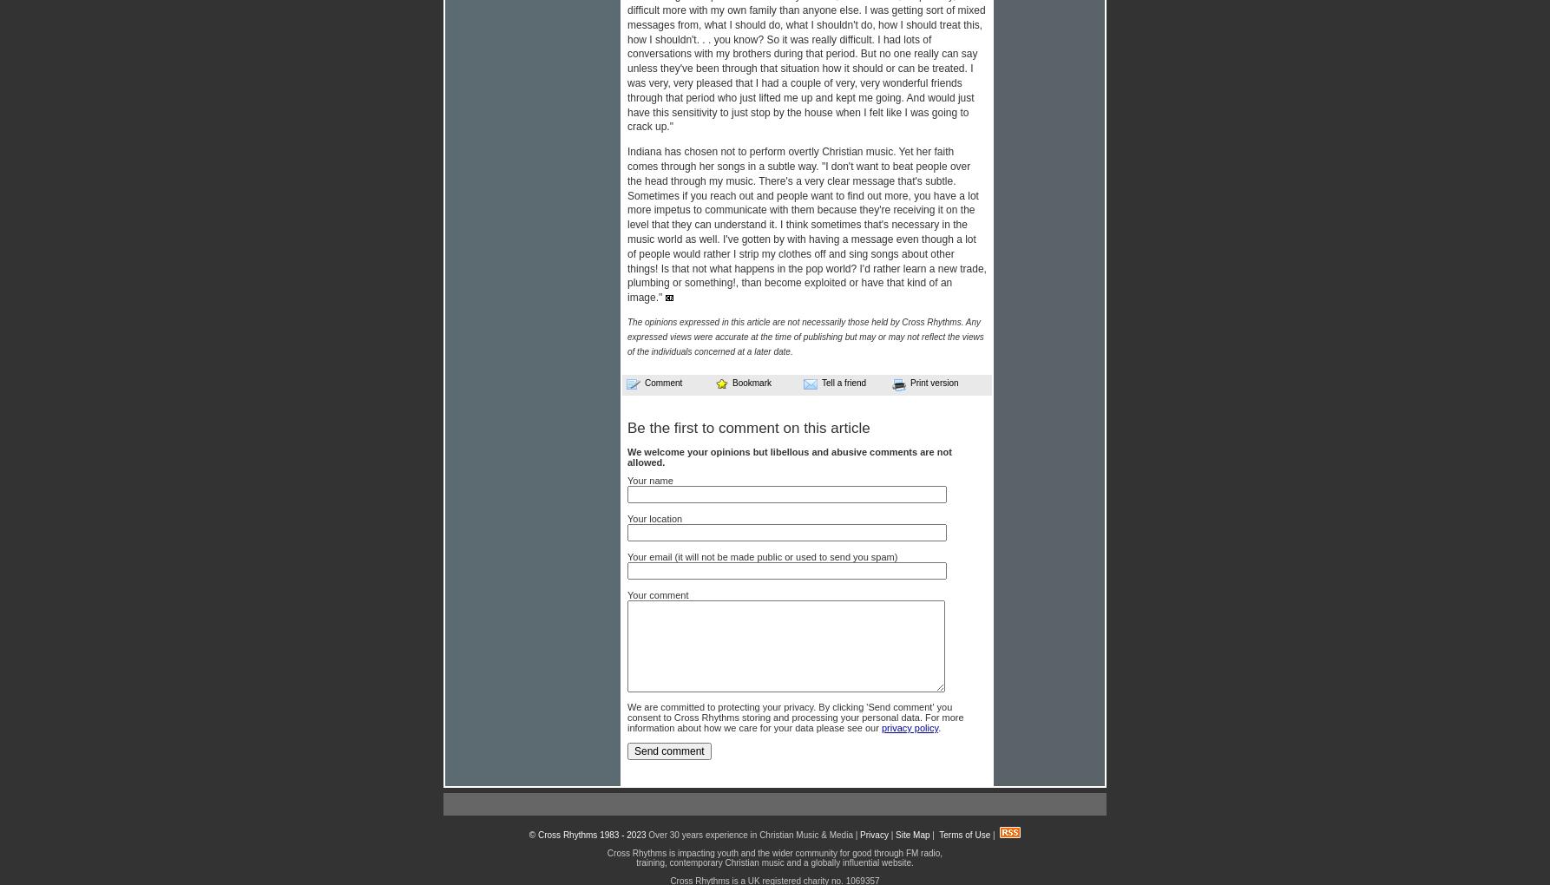 This screenshot has width=1550, height=885. Describe the element at coordinates (627, 593) in the screenshot. I see `'Your comment'` at that location.